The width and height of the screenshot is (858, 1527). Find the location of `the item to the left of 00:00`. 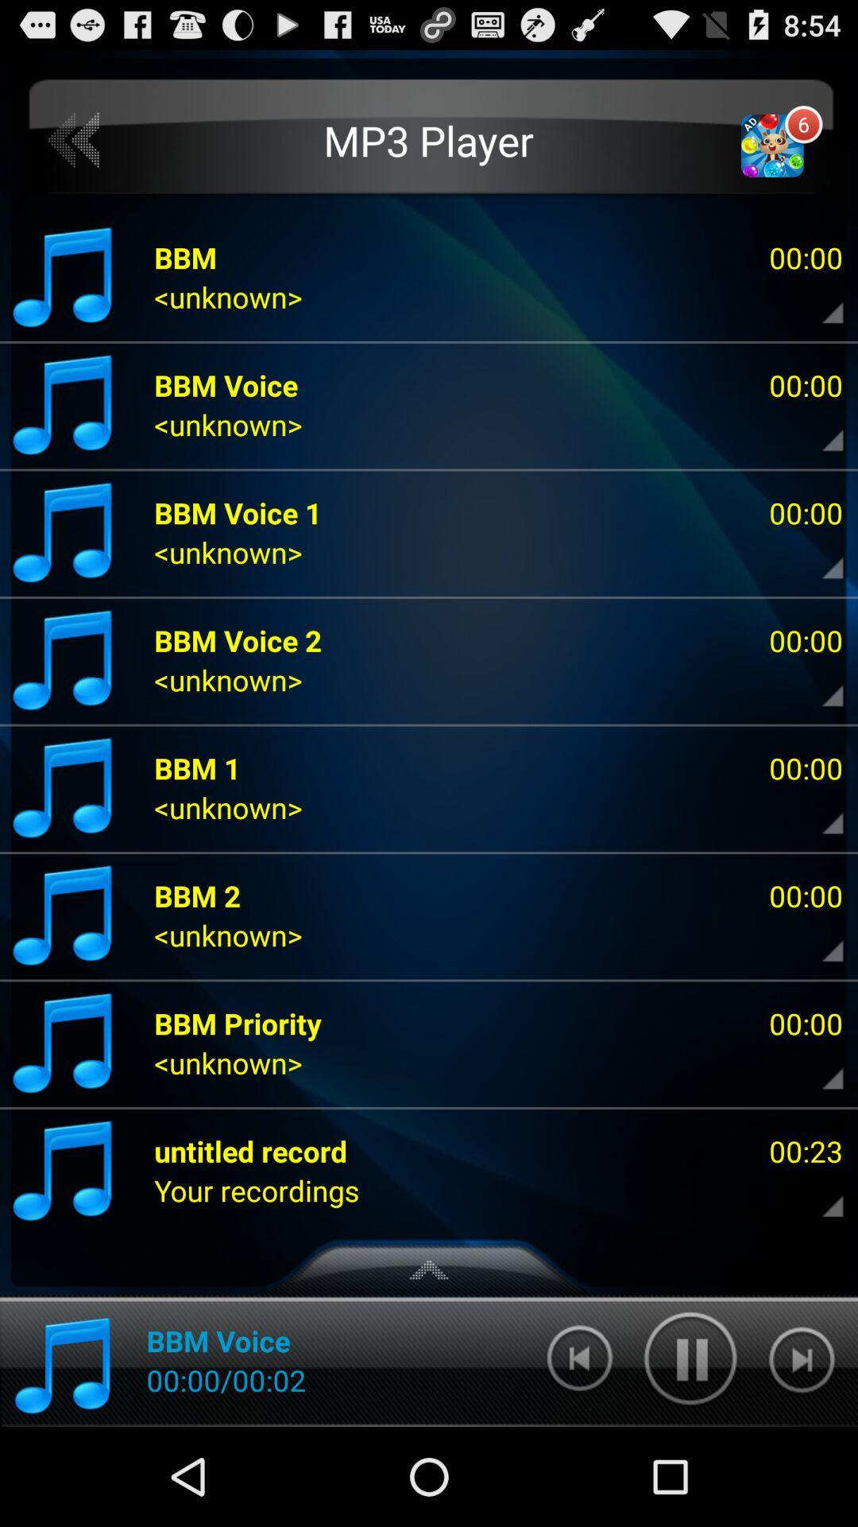

the item to the left of 00:00 is located at coordinates (238, 1023).